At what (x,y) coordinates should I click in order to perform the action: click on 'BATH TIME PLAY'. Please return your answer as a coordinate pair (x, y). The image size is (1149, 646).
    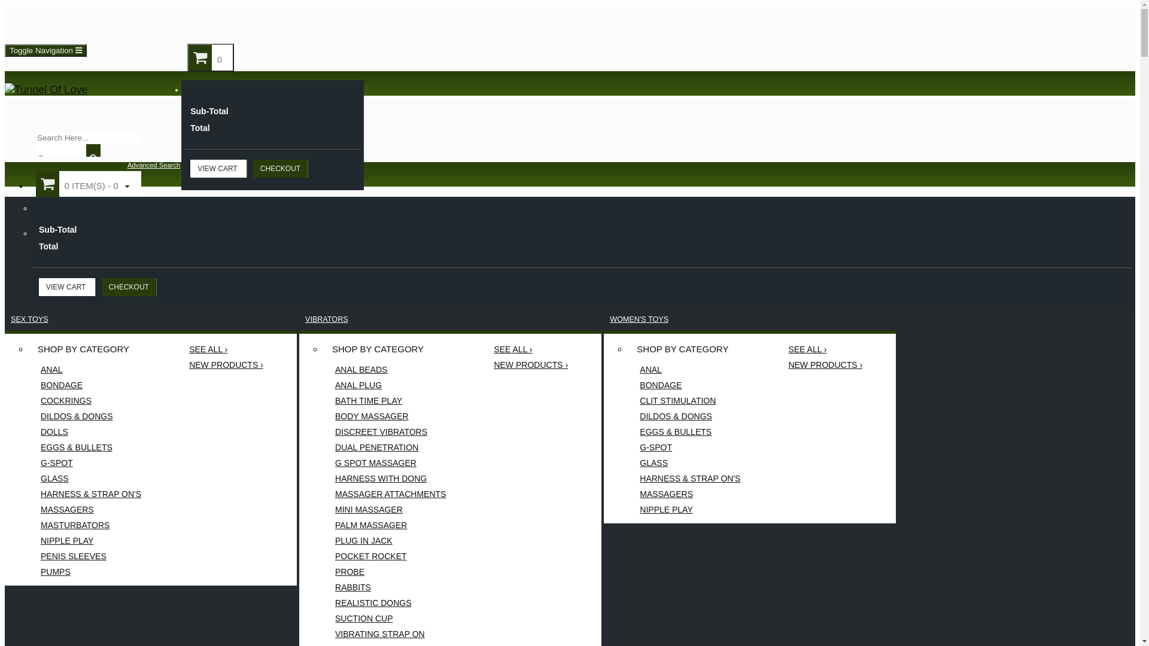
    Looking at the image, I should click on (390, 401).